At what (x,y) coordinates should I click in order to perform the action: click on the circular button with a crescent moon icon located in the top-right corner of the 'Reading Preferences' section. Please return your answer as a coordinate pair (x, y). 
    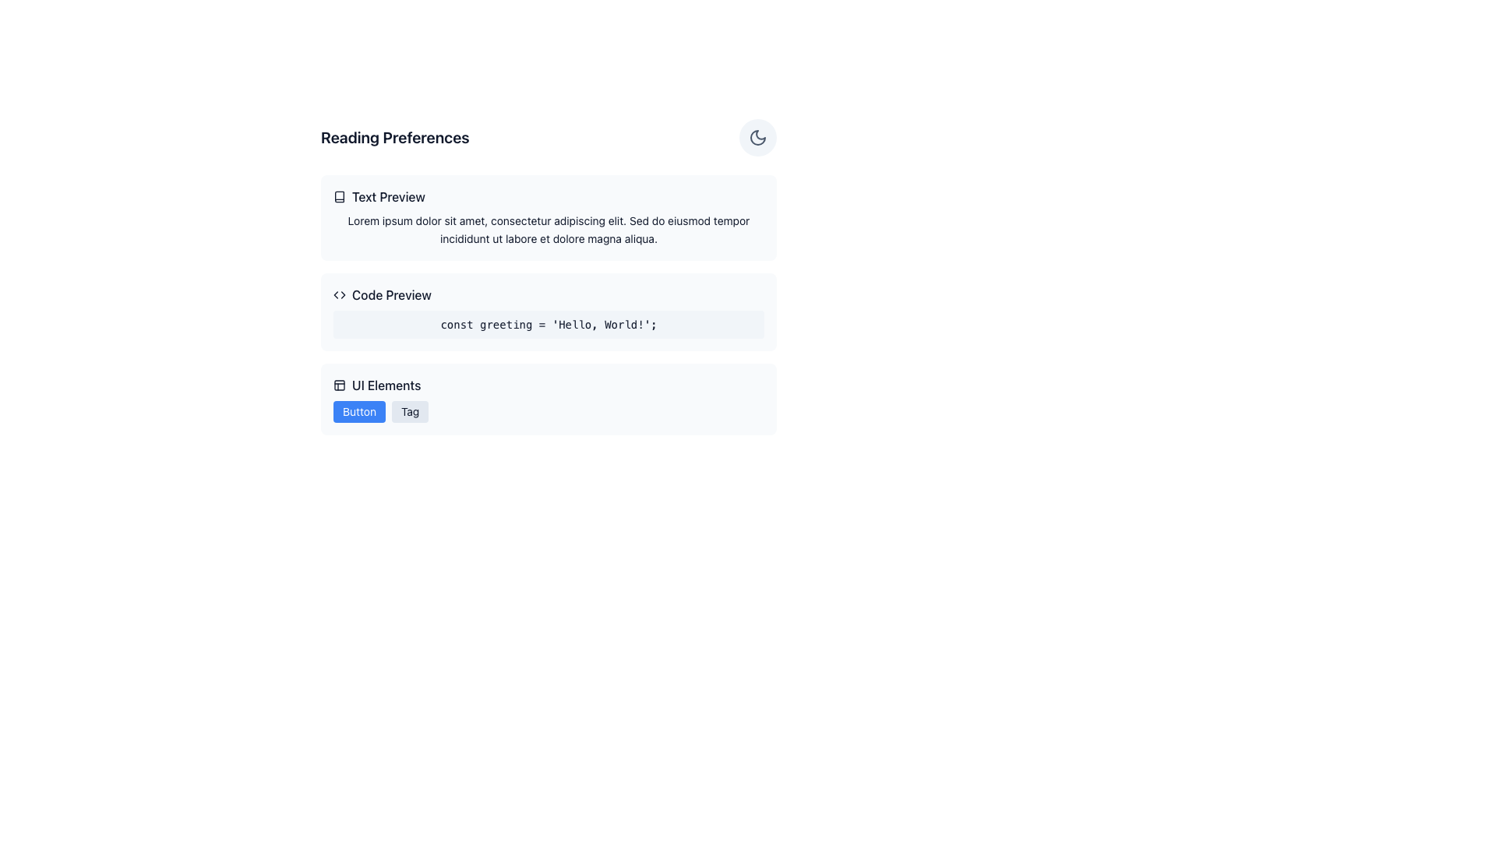
    Looking at the image, I should click on (758, 137).